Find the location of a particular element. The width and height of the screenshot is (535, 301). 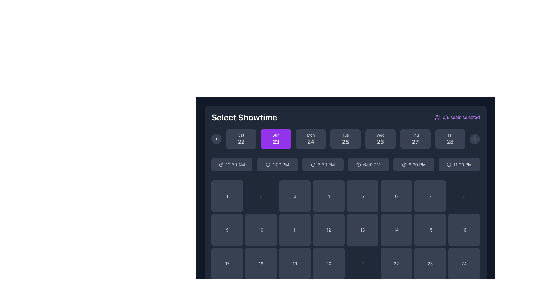

the button in the horizontal group displaying time values is located at coordinates (345, 164).